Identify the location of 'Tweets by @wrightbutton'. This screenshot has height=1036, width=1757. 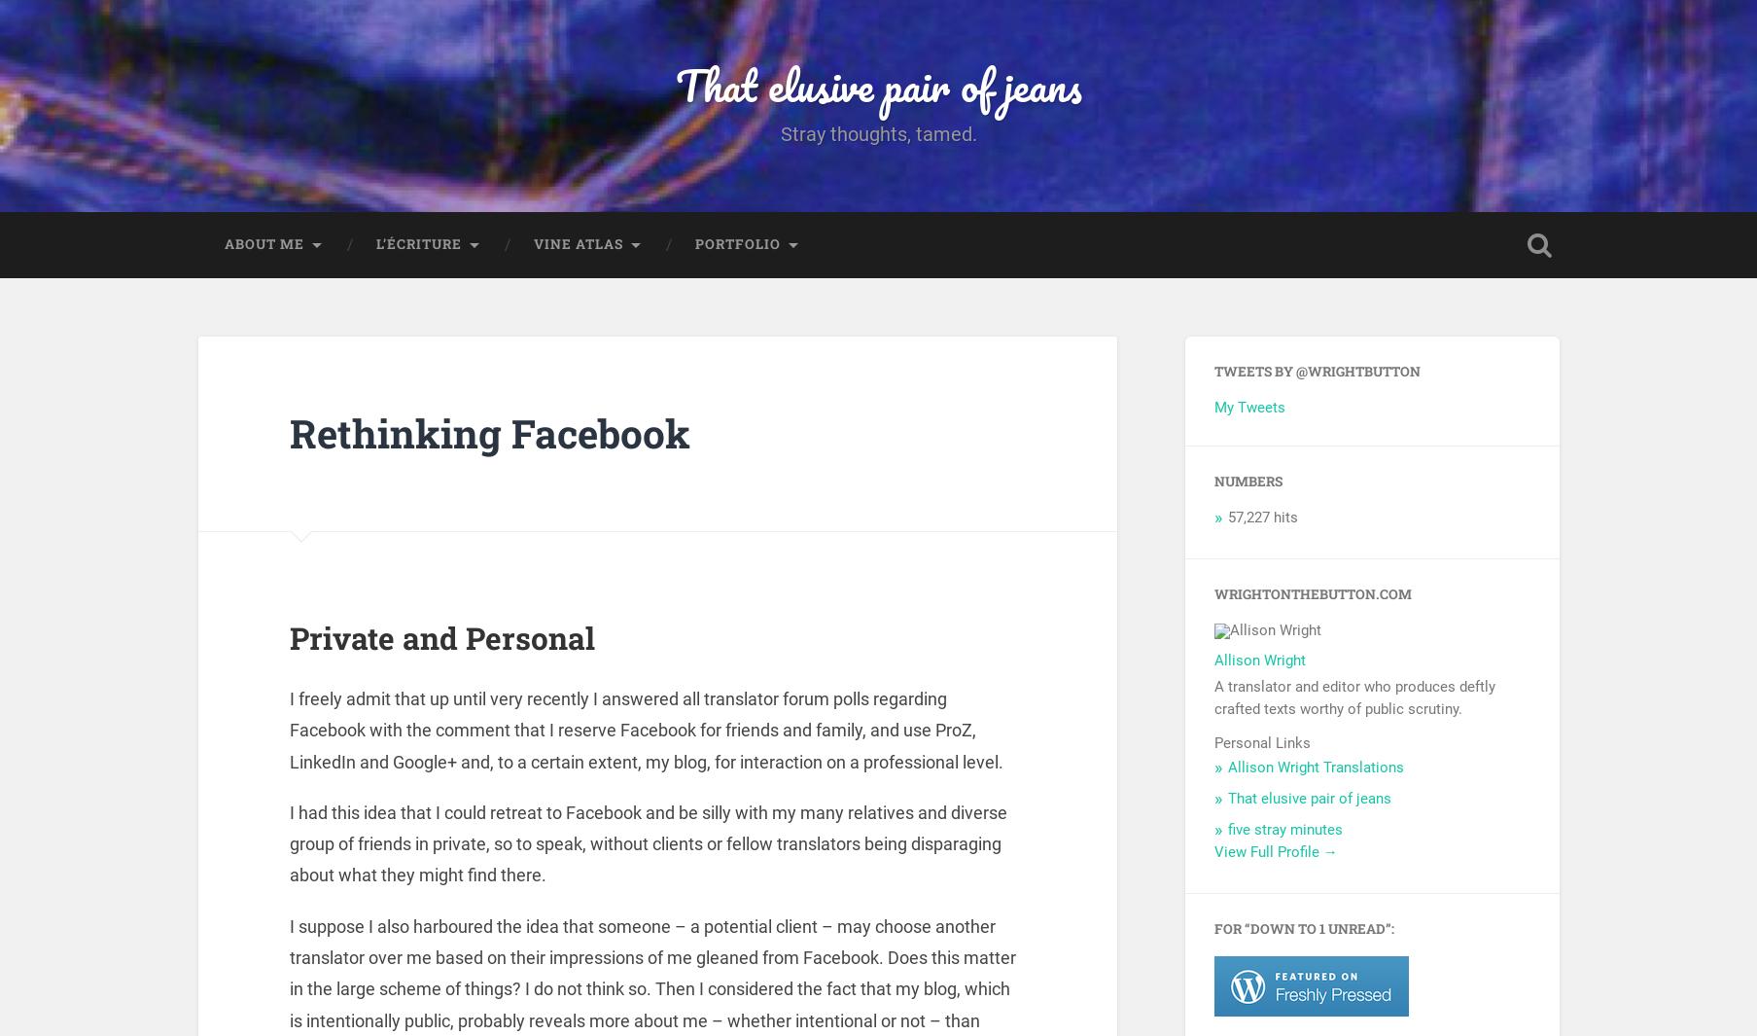
(1315, 374).